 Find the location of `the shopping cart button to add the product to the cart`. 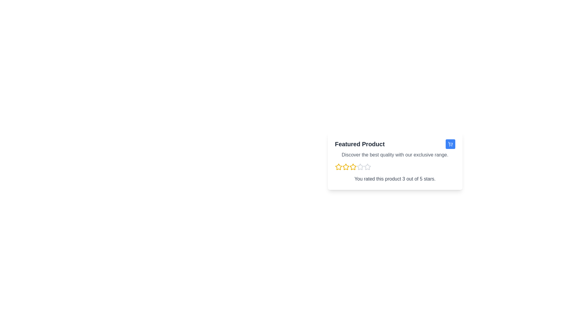

the shopping cart button to add the product to the cart is located at coordinates (450, 144).